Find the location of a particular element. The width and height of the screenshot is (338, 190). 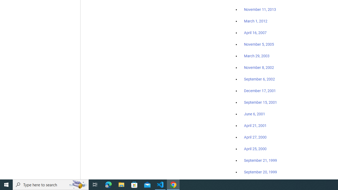

'April 27, 2000' is located at coordinates (255, 137).